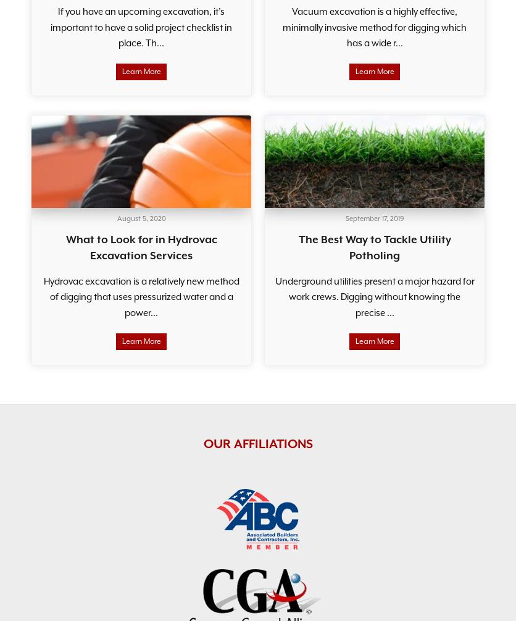  Describe the element at coordinates (141, 218) in the screenshot. I see `'August 5, 2020'` at that location.